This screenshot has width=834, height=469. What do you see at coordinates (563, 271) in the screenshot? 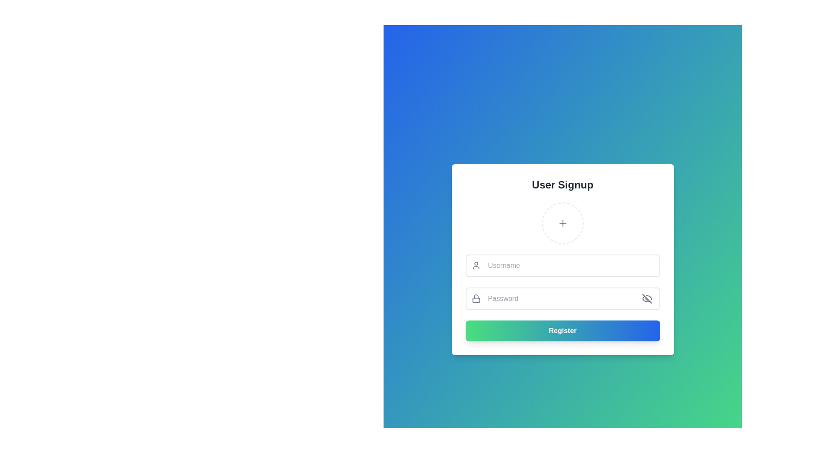
I see `the vertical form section containing input fields and the 'Register' button to focus on the input fields for username and password` at bounding box center [563, 271].